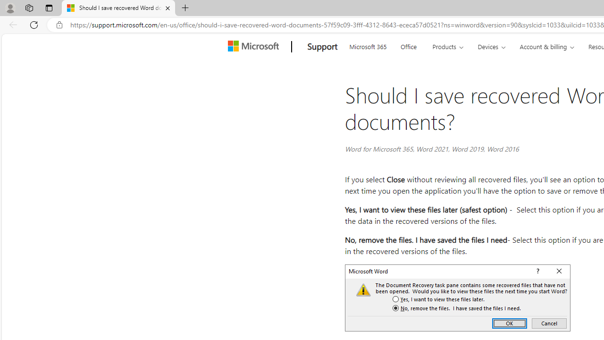 Image resolution: width=604 pixels, height=340 pixels. I want to click on 'Close tab', so click(168, 8).